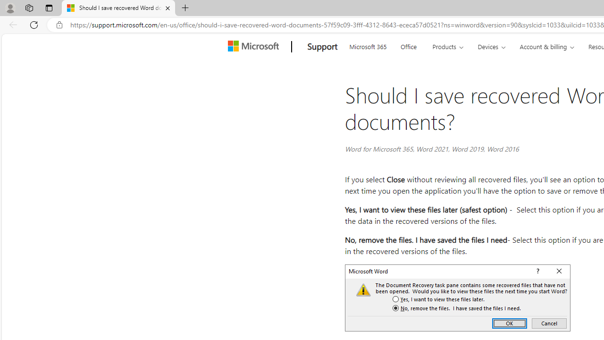 Image resolution: width=604 pixels, height=340 pixels. I want to click on 'Close tab', so click(168, 8).